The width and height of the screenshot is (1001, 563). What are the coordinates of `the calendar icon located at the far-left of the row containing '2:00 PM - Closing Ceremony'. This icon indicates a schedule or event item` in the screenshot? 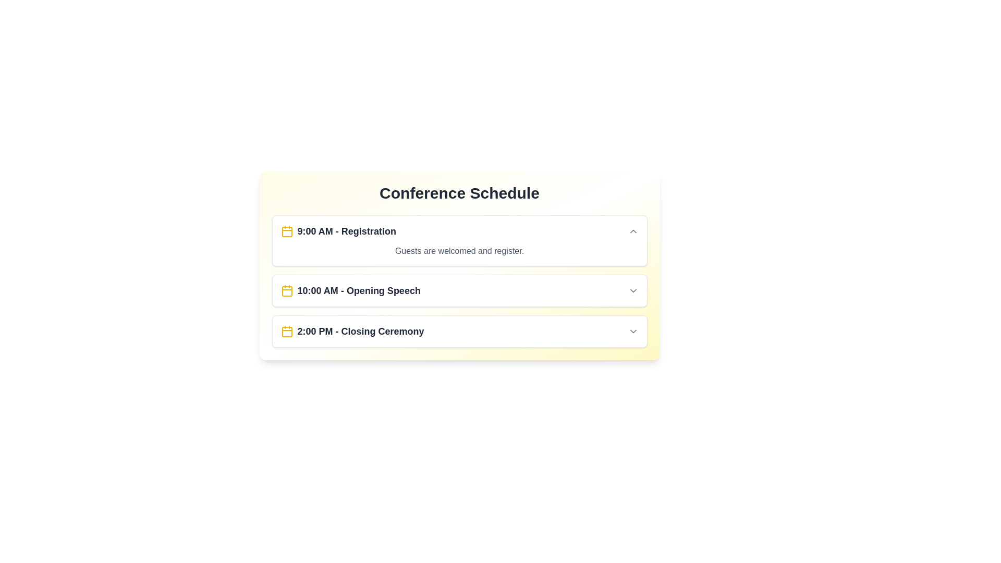 It's located at (287, 332).